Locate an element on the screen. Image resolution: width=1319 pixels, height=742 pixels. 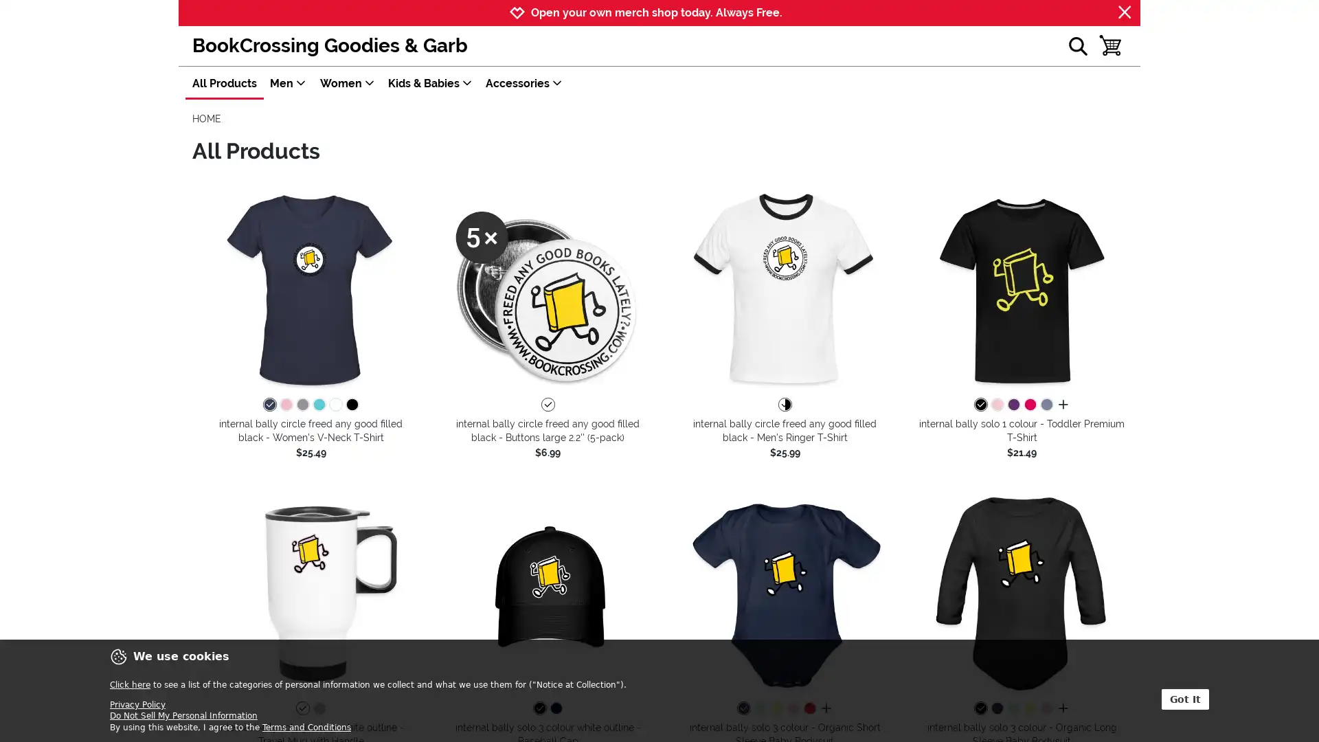
light pink is located at coordinates (792, 709).